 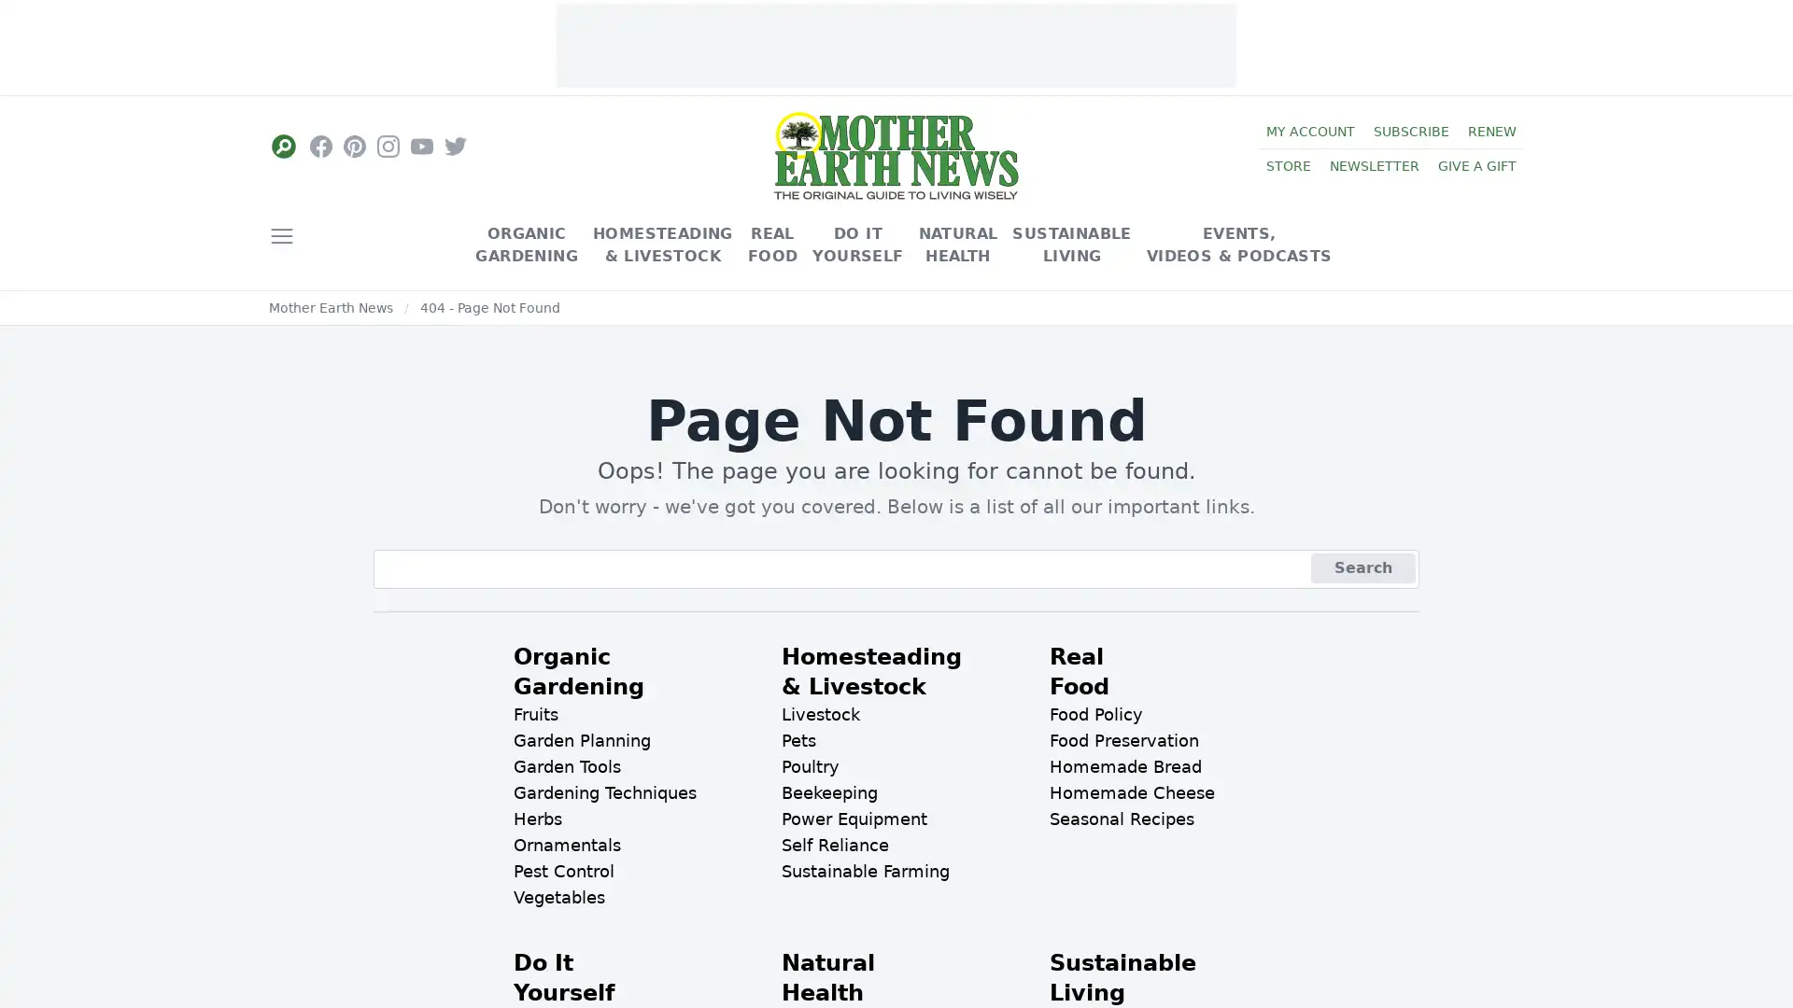 I want to click on Social Links, so click(x=282, y=147).